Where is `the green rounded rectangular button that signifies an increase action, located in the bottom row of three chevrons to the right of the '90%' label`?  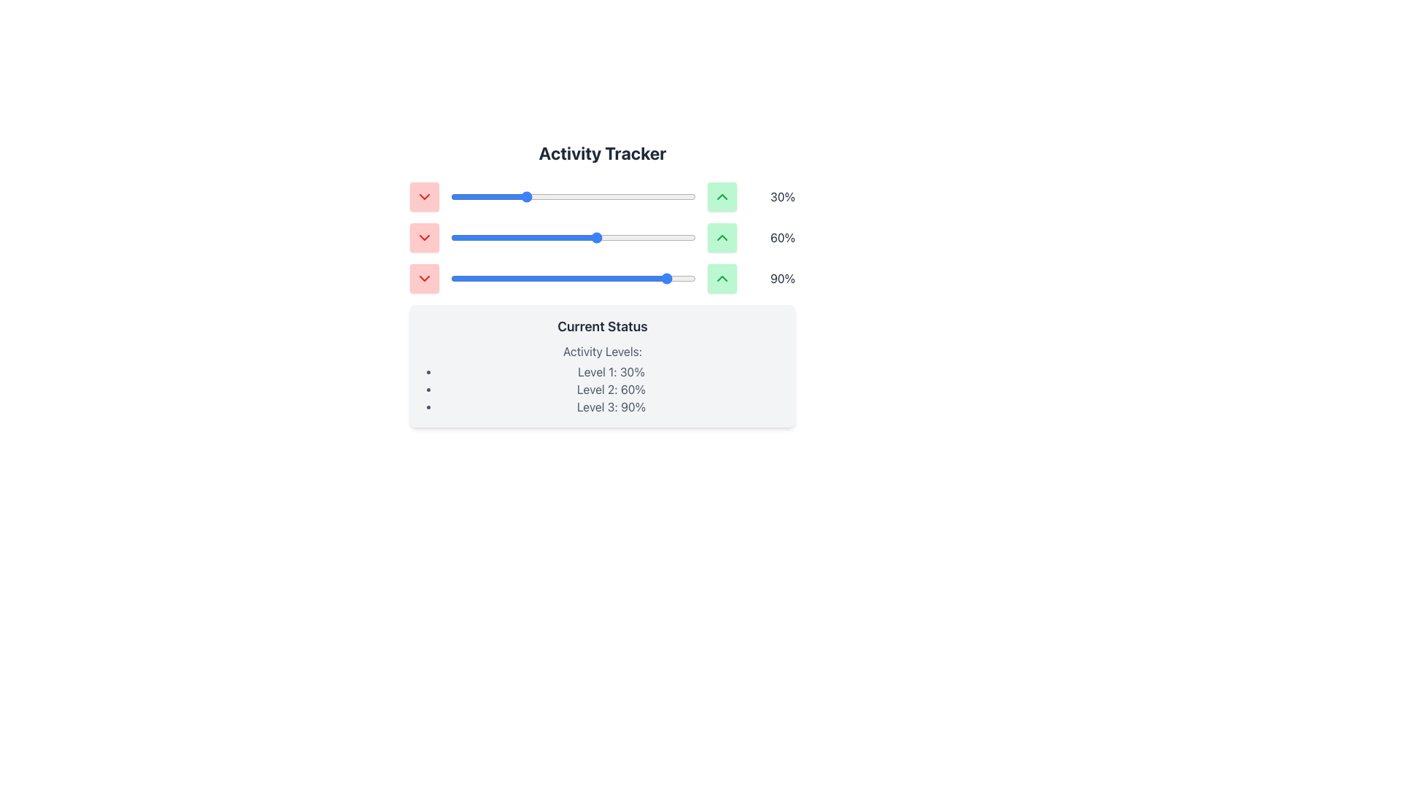
the green rounded rectangular button that signifies an increase action, located in the bottom row of three chevrons to the right of the '90%' label is located at coordinates (722, 278).